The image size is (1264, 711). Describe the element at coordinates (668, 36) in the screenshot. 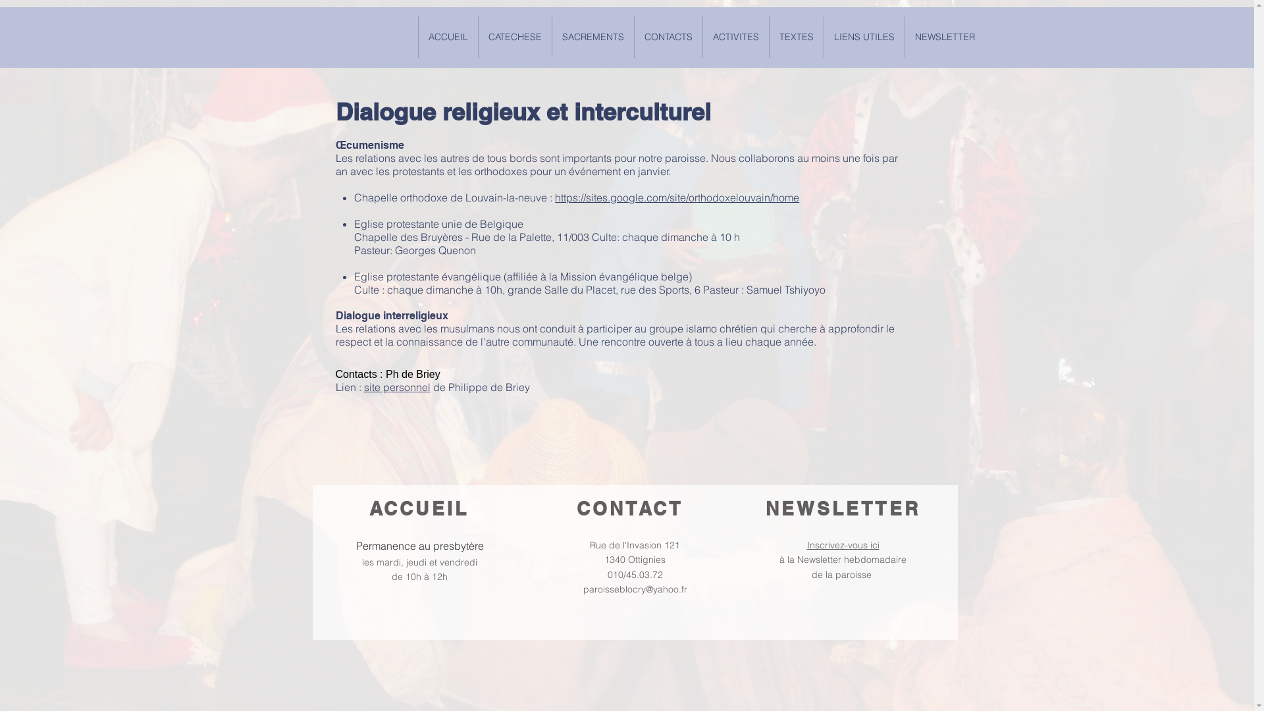

I see `'CONTACTS'` at that location.